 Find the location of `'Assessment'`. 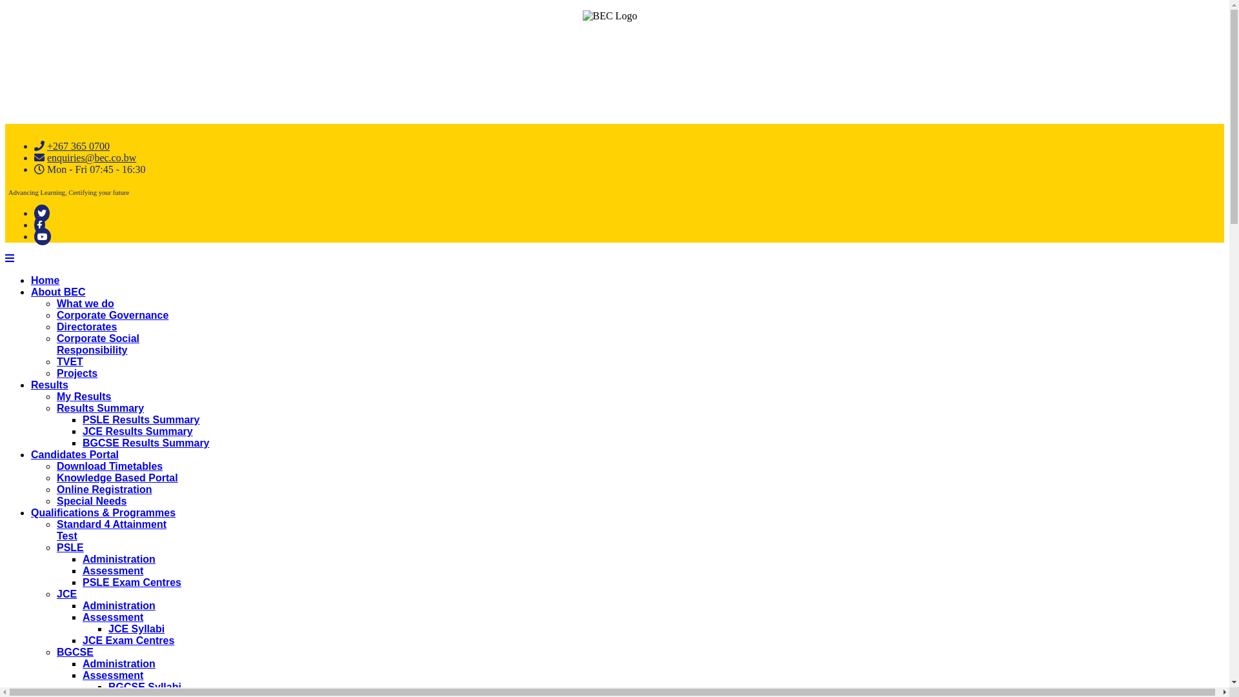

'Assessment' is located at coordinates (82, 616).